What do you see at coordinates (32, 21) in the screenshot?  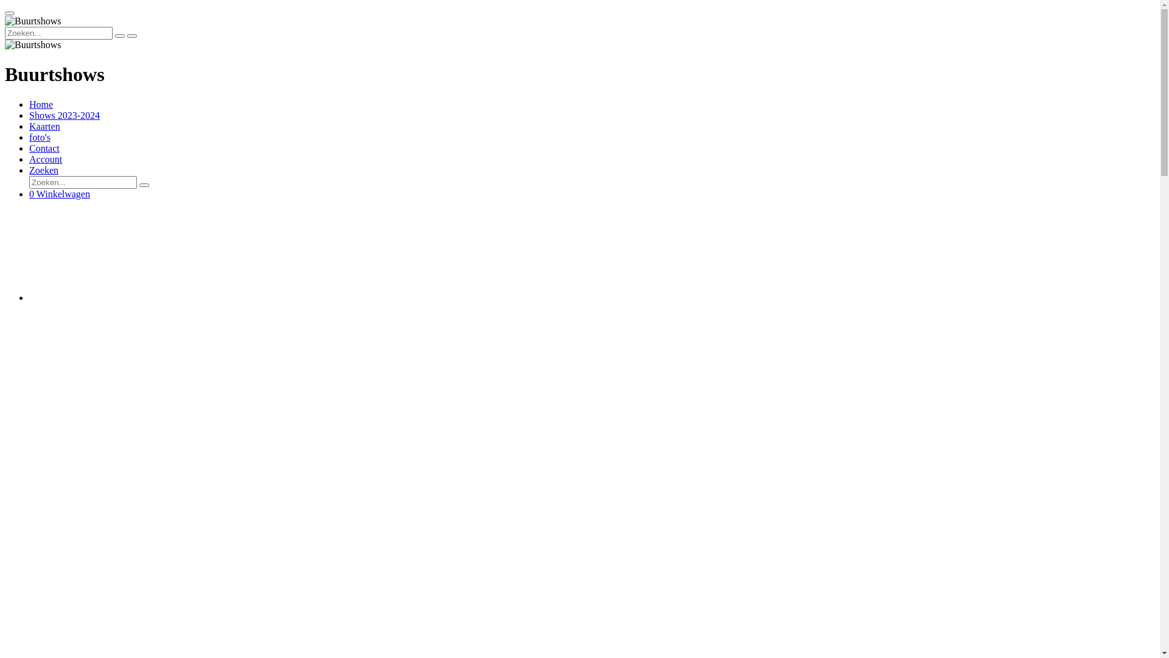 I see `'Buurtshows'` at bounding box center [32, 21].